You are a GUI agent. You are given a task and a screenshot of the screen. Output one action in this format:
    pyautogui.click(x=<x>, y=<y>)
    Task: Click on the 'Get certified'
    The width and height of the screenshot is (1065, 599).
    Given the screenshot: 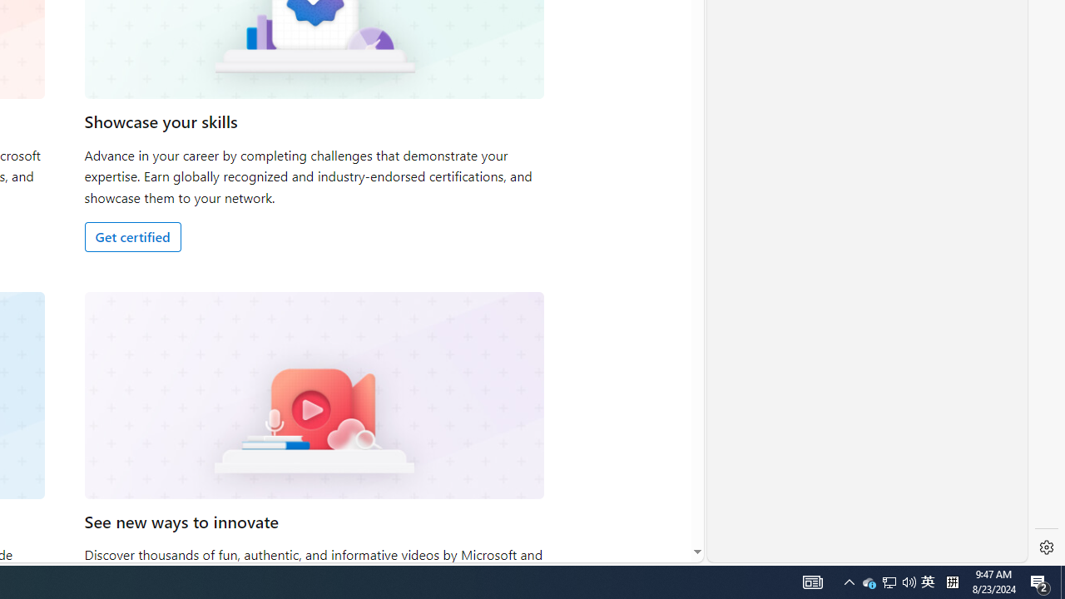 What is the action you would take?
    pyautogui.click(x=131, y=236)
    